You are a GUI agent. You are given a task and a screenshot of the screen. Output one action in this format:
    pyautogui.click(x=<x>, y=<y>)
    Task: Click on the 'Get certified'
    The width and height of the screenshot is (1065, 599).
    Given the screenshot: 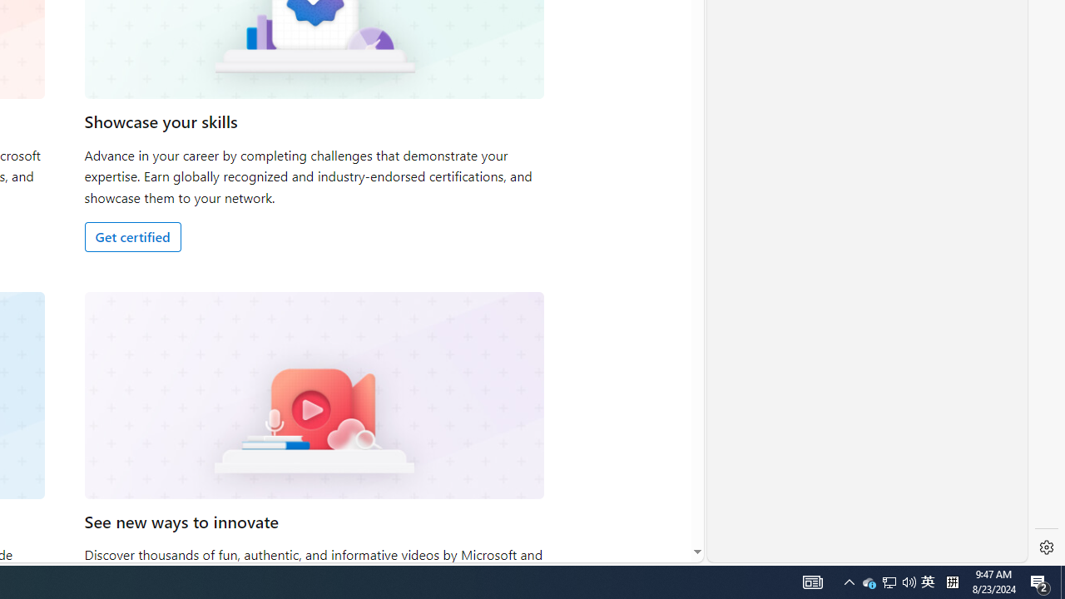 What is the action you would take?
    pyautogui.click(x=131, y=236)
    